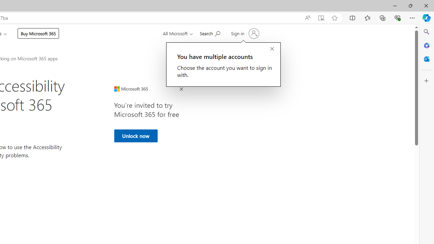 The width and height of the screenshot is (434, 244). Describe the element at coordinates (353, 17) in the screenshot. I see `'Split screen'` at that location.